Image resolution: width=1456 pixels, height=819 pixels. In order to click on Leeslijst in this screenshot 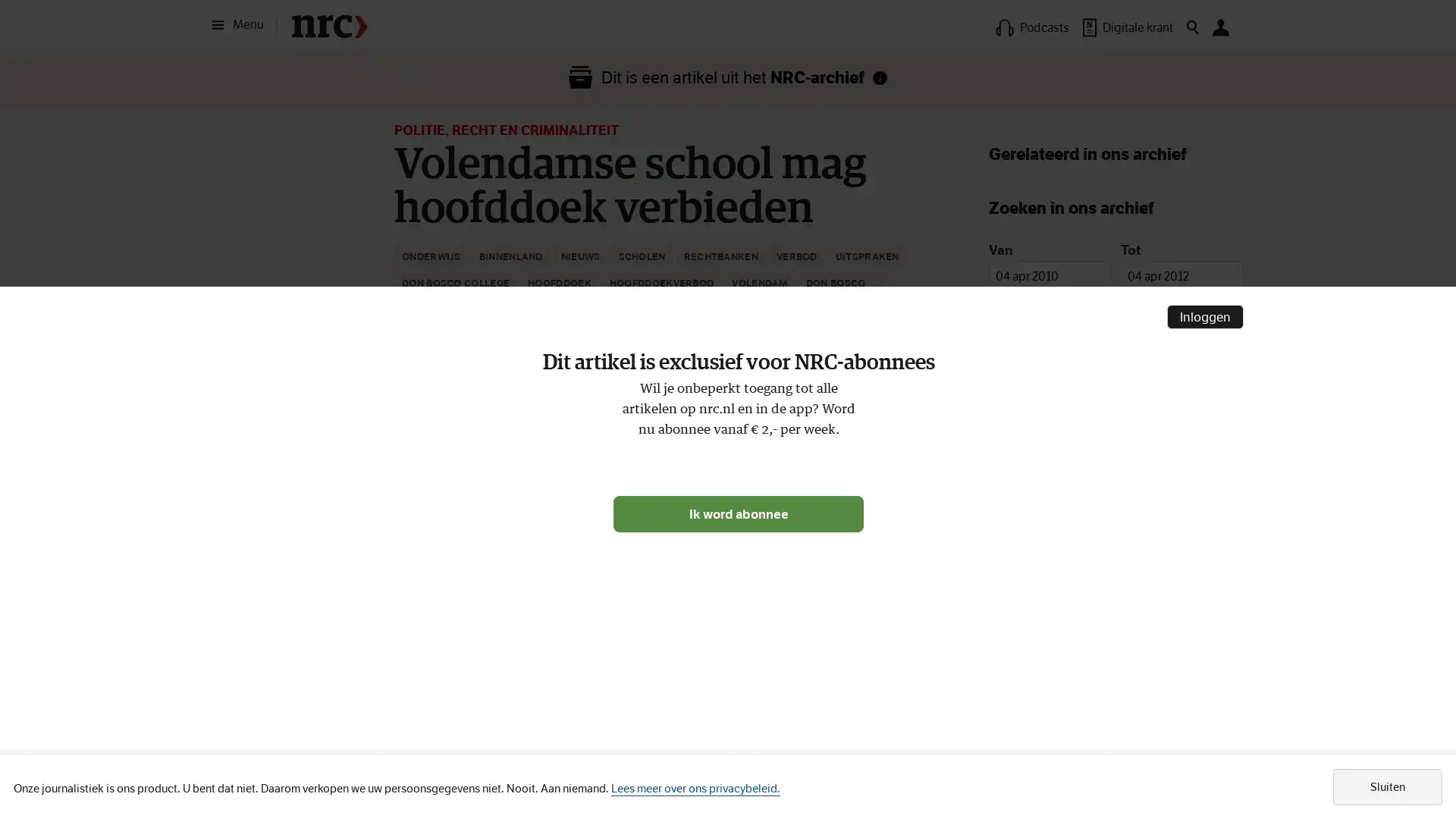, I will do `click(425, 462)`.